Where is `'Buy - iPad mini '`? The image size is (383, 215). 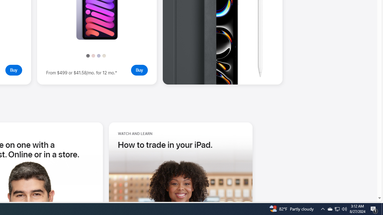
'Buy - iPad mini ' is located at coordinates (139, 70).